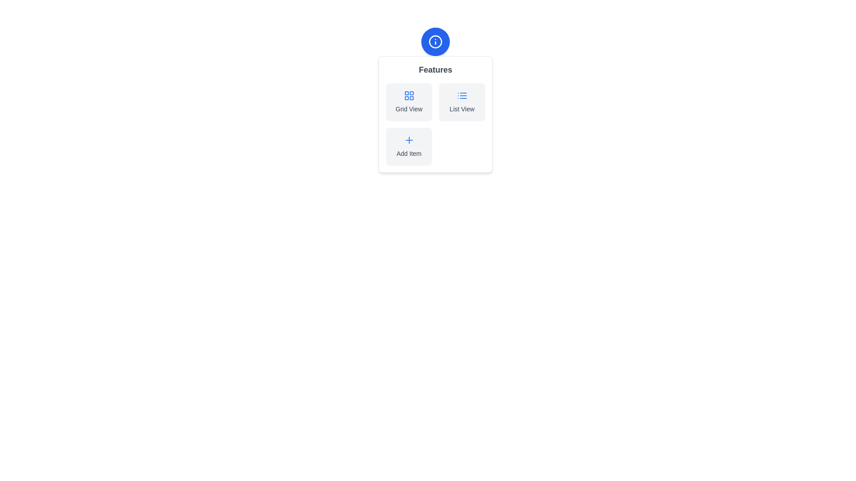  I want to click on the text label that describes the 'List View' feature, positioned in the second column of the grid layout, beneath its associated icon, so click(462, 109).